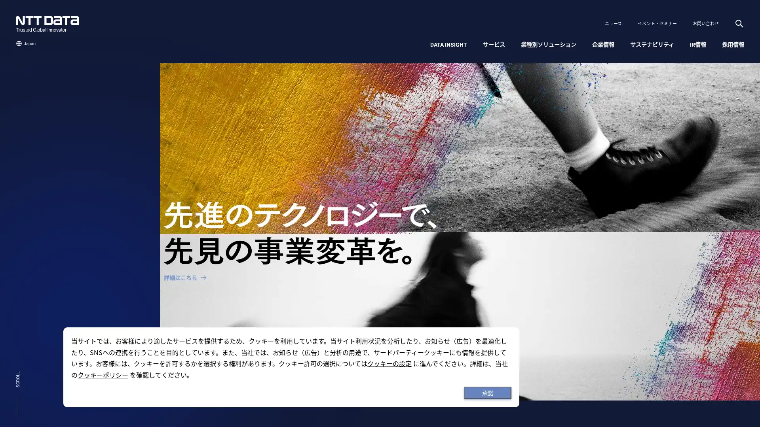  I want to click on Close consent Widget, so click(487, 393).